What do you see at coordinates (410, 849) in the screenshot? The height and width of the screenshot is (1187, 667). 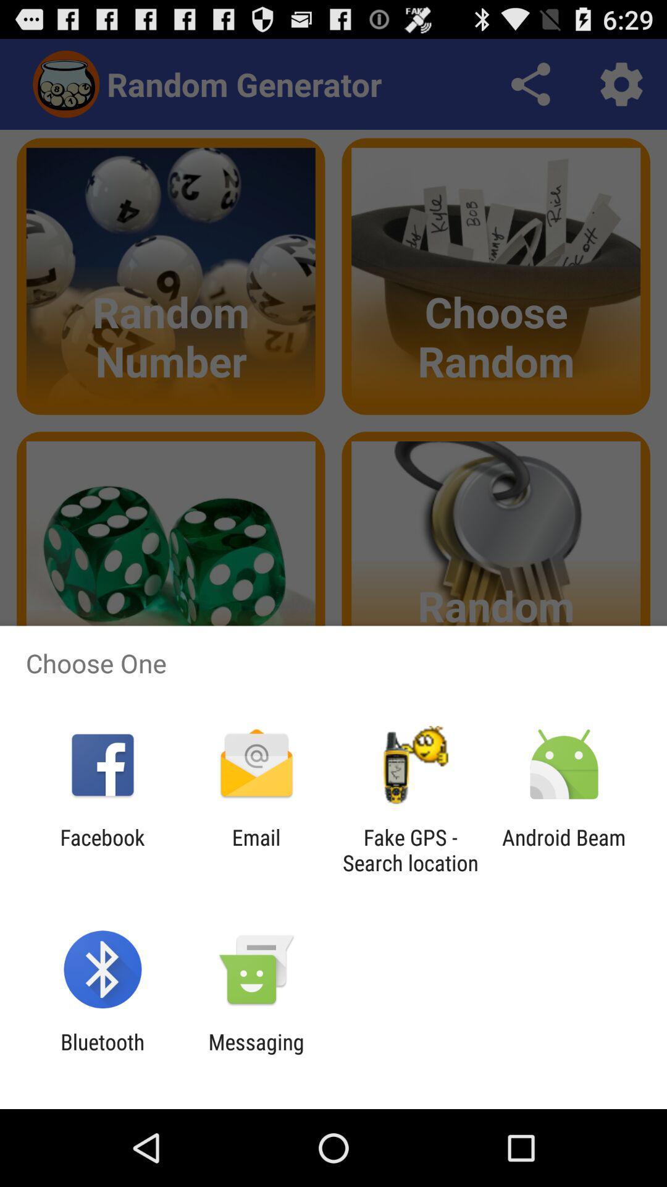 I see `the fake gps search item` at bounding box center [410, 849].